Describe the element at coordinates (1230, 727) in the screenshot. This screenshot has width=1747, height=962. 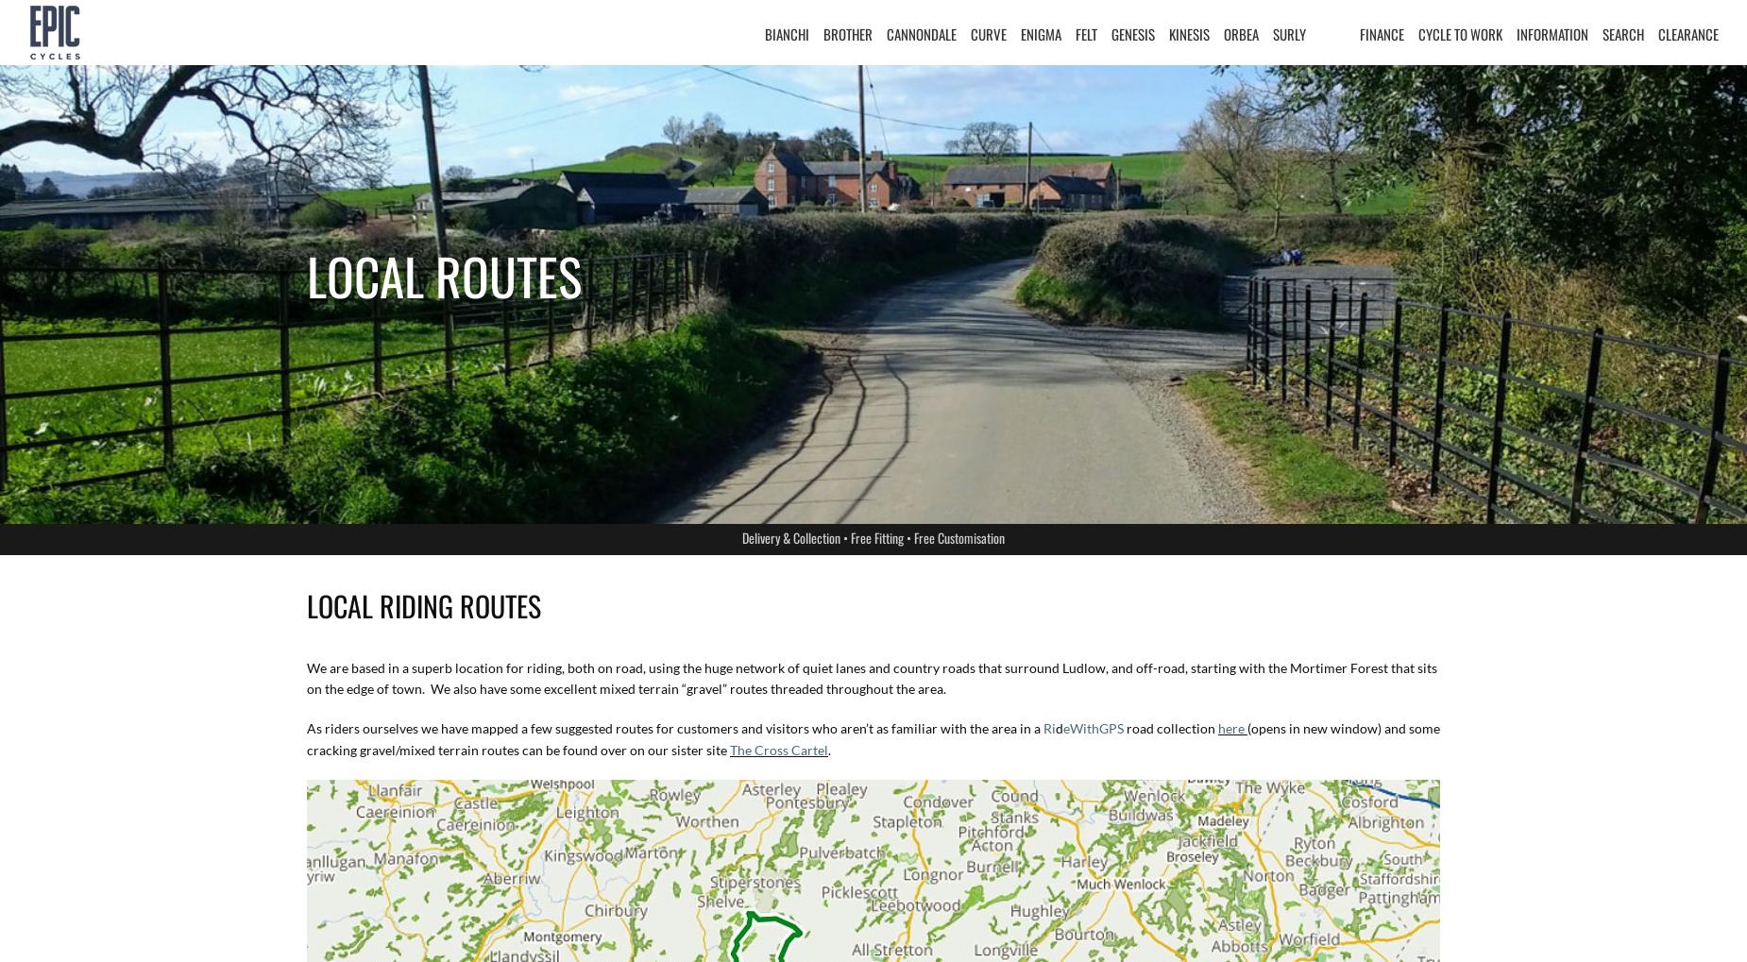
I see `'here'` at that location.